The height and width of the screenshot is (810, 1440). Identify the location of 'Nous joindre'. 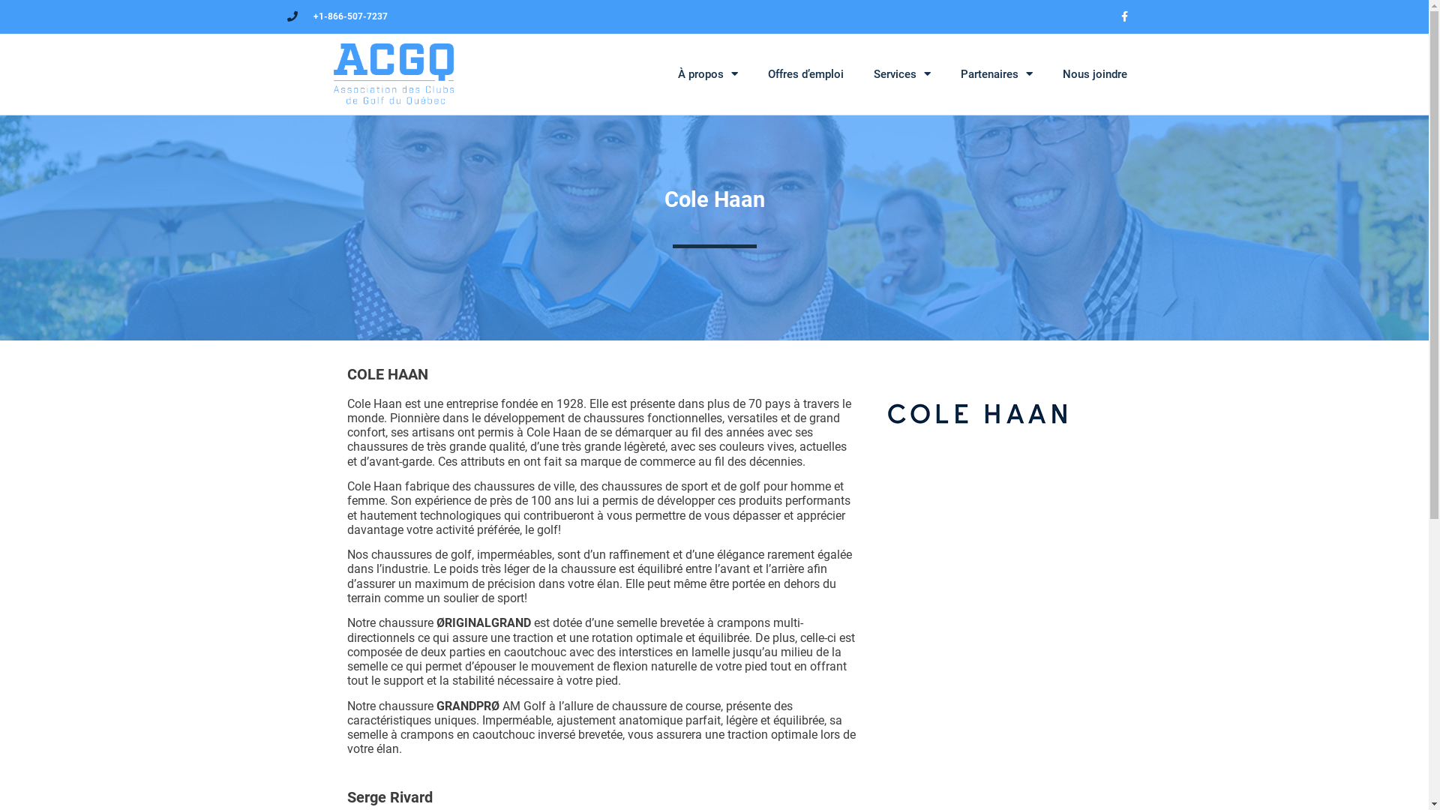
(1046, 74).